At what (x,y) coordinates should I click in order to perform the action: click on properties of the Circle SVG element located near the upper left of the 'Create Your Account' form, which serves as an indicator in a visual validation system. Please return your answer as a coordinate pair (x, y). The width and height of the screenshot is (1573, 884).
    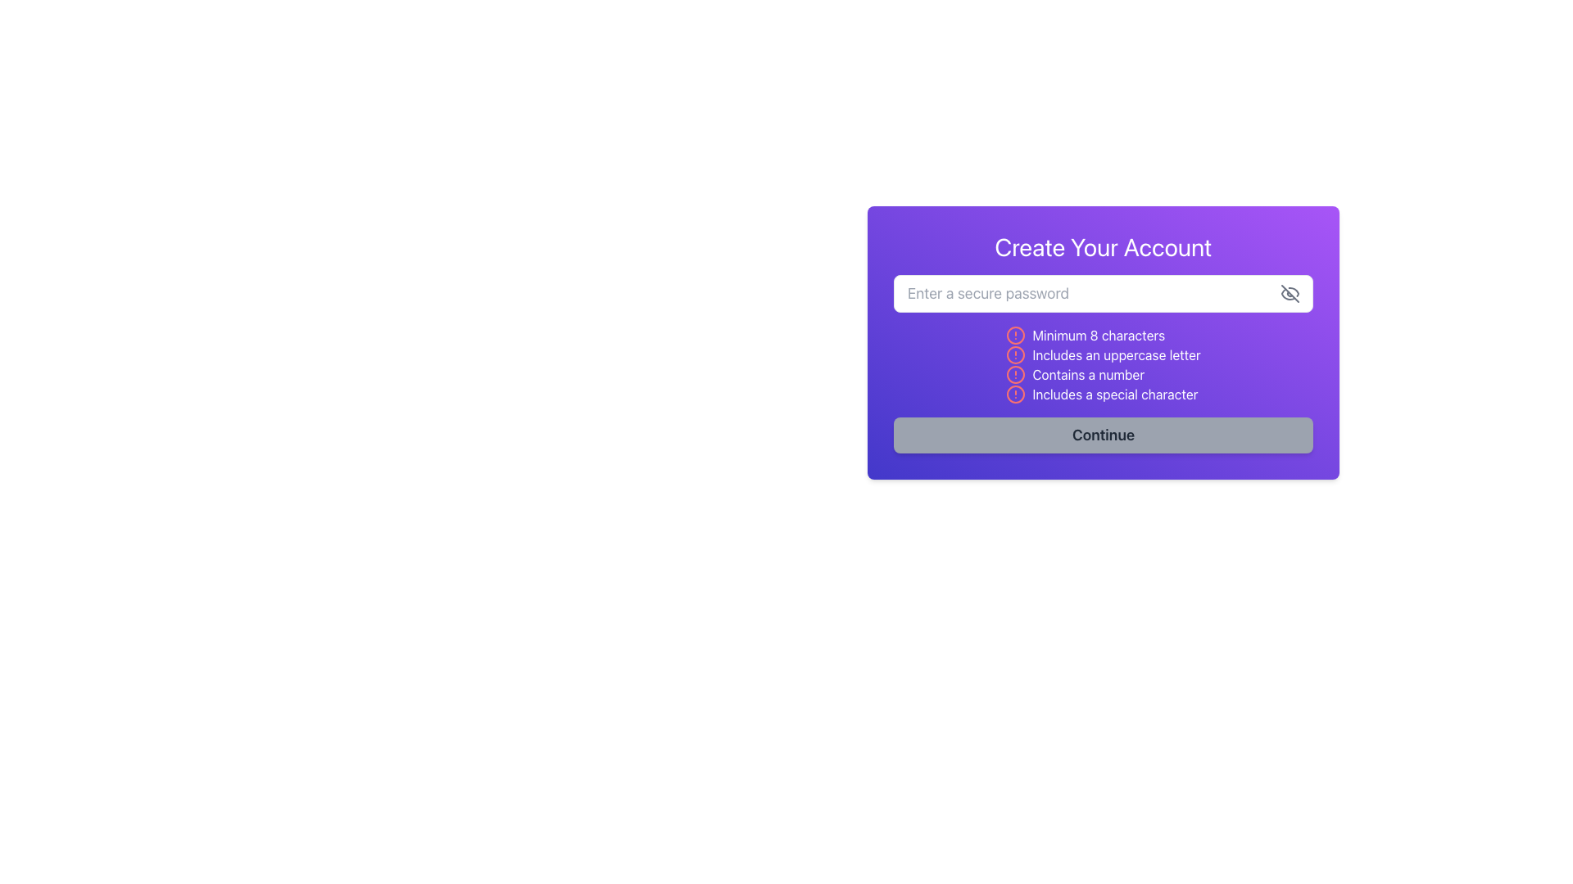
    Looking at the image, I should click on (1015, 334).